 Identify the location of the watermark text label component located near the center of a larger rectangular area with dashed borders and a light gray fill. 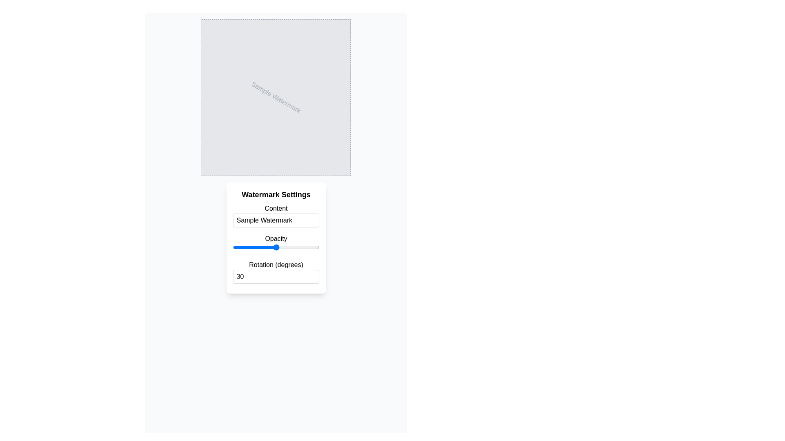
(276, 97).